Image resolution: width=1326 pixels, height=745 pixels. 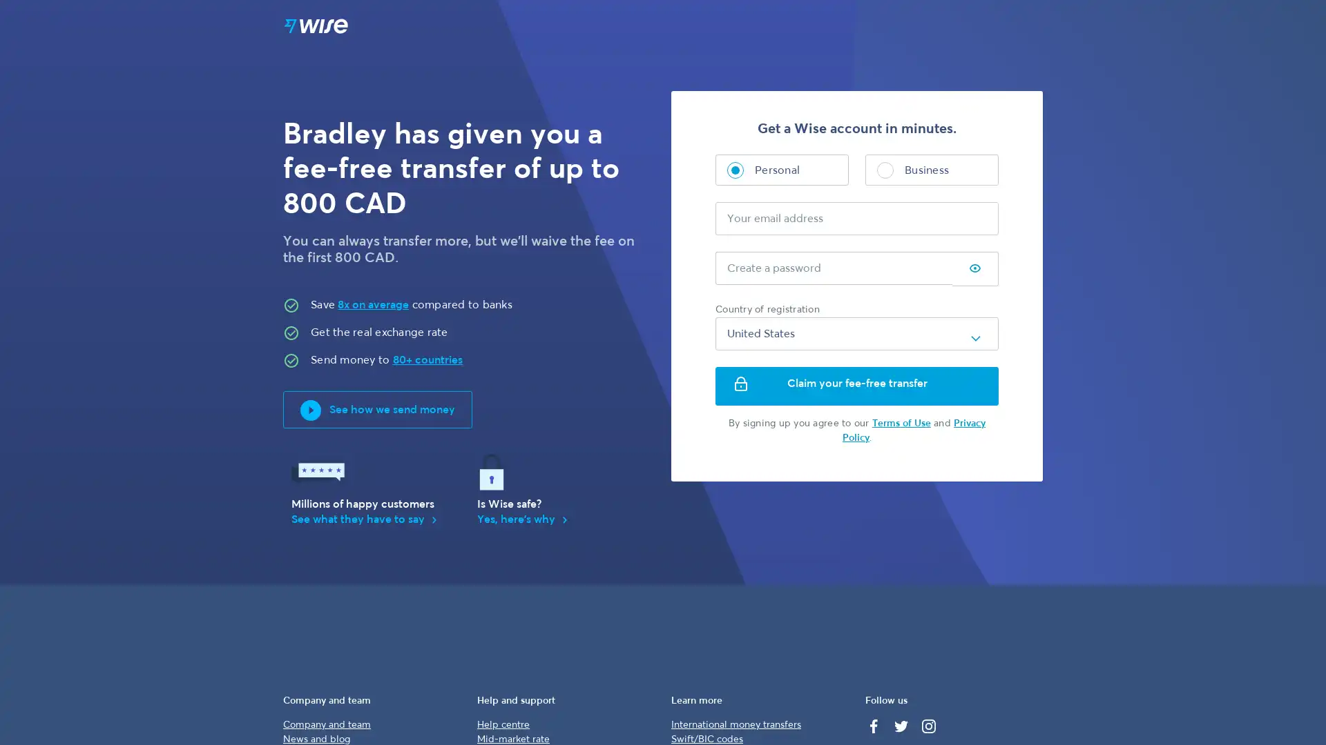 What do you see at coordinates (378, 409) in the screenshot?
I see `See how we send money` at bounding box center [378, 409].